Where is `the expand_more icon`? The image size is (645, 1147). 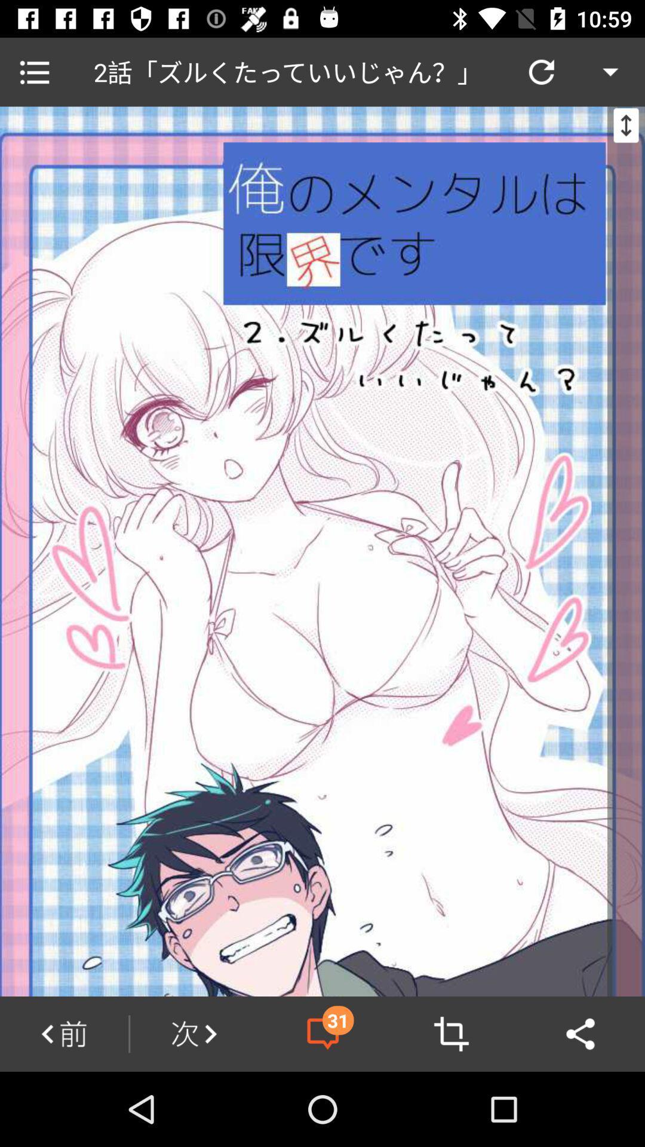 the expand_more icon is located at coordinates (610, 71).